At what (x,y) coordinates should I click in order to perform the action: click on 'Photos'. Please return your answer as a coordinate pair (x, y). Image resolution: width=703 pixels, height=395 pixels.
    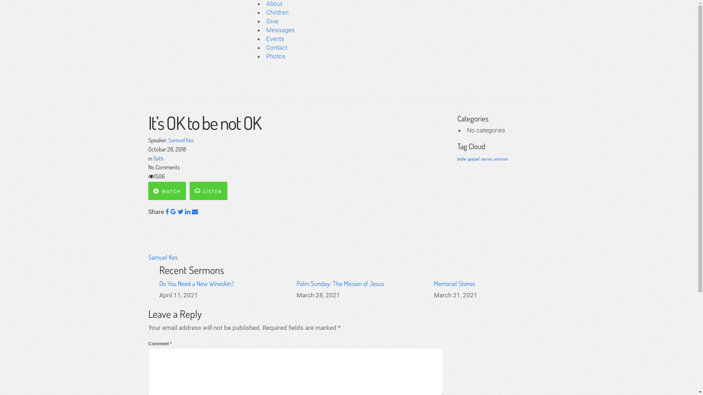
    Looking at the image, I should click on (275, 56).